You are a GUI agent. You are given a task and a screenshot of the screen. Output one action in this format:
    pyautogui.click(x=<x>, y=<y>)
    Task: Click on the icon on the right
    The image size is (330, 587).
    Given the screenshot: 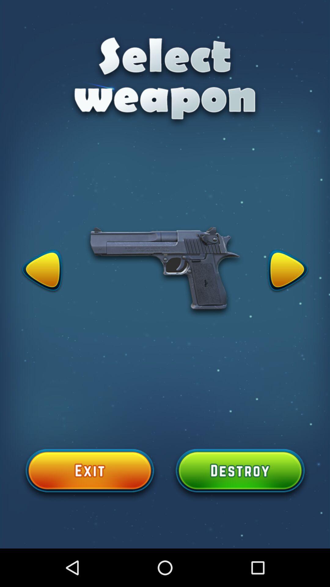 What is the action you would take?
    pyautogui.click(x=288, y=271)
    